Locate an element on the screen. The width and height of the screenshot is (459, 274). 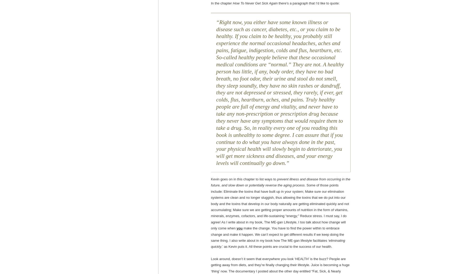
'. Some of those points include: Eliminate the toxins that have built up in your system; Make sure our elimination systems are clean and no longer sluggish, thus allowing the toxins that we do put into our body and the toxins that develop in our body naturally are getting eliminated quickly and not accumulating; Make sure we are getting proper amounts of nutrition in the form of vitamins, minerals, enzymes, cofactors, and life-sustaining “energy;” Reduce stress. I must say, I do agree! As I write about in my book, The ME-gan Lifestyle, I too talk about how change will only come when' is located at coordinates (280, 207).